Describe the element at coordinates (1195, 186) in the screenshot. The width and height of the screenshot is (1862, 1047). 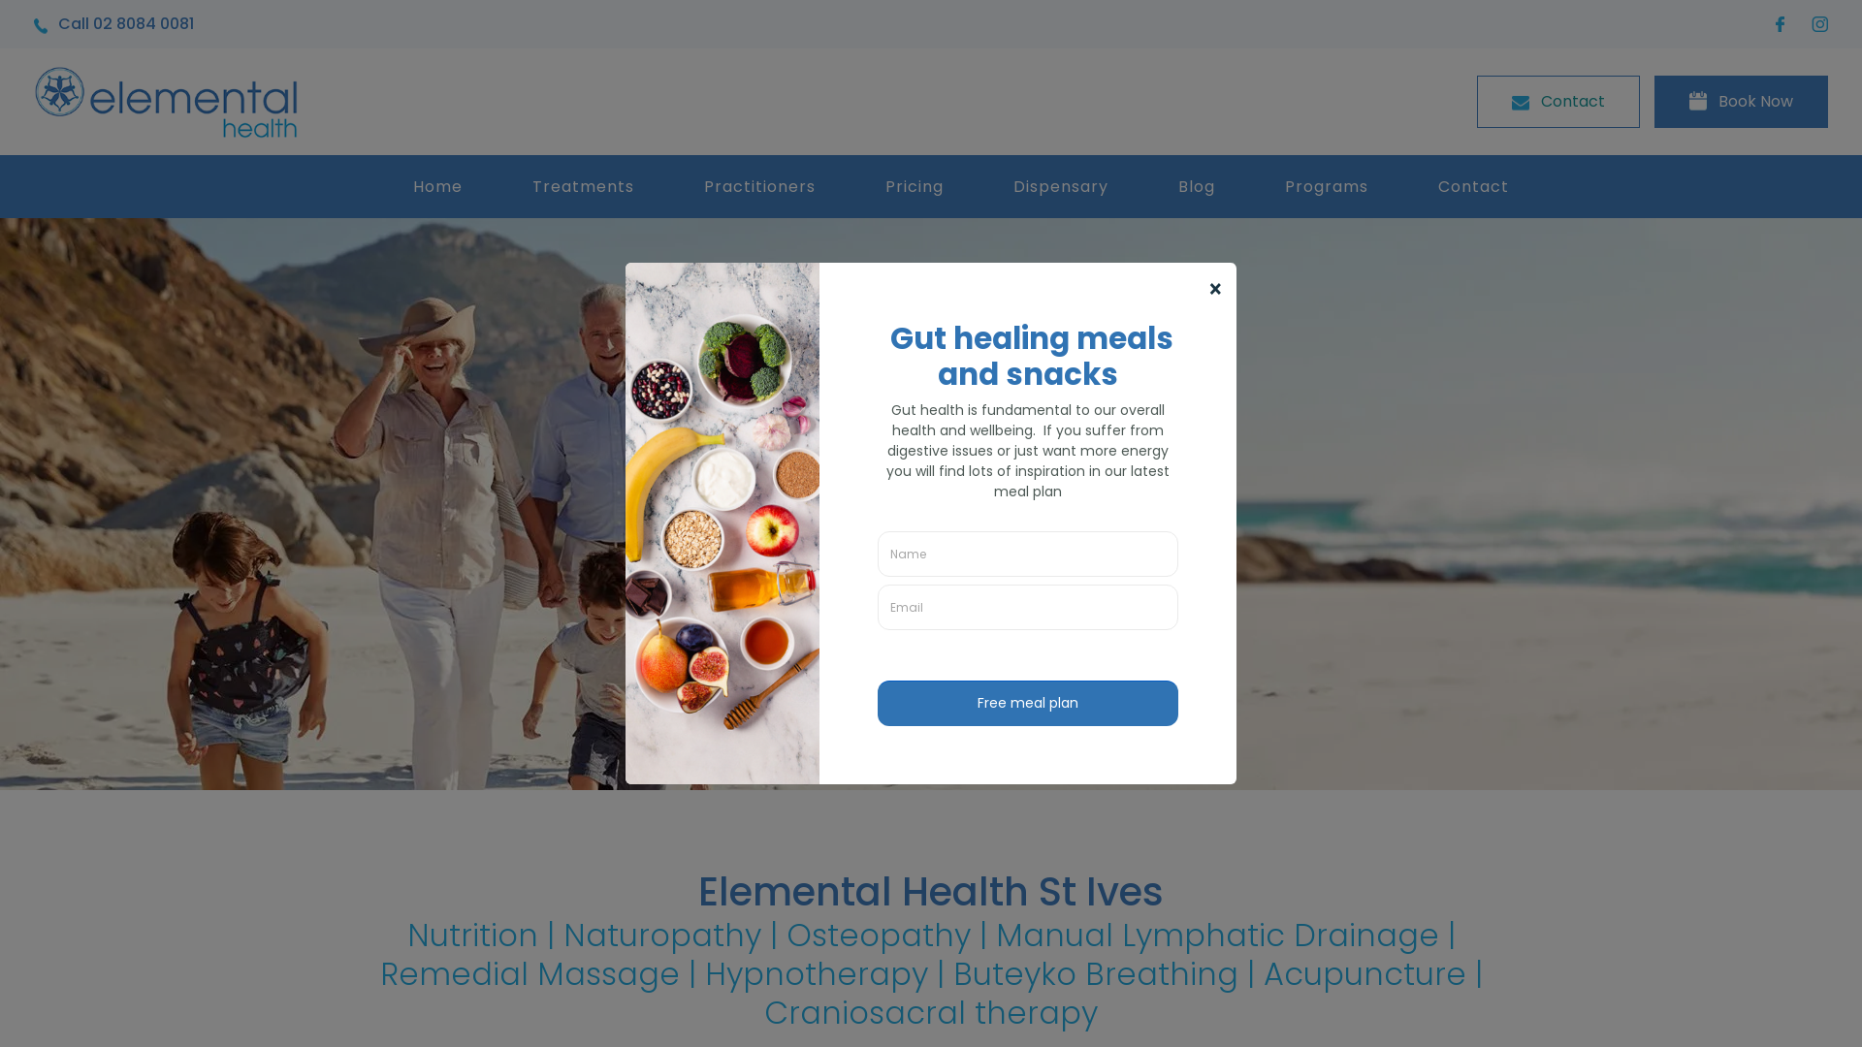
I see `'Blog'` at that location.